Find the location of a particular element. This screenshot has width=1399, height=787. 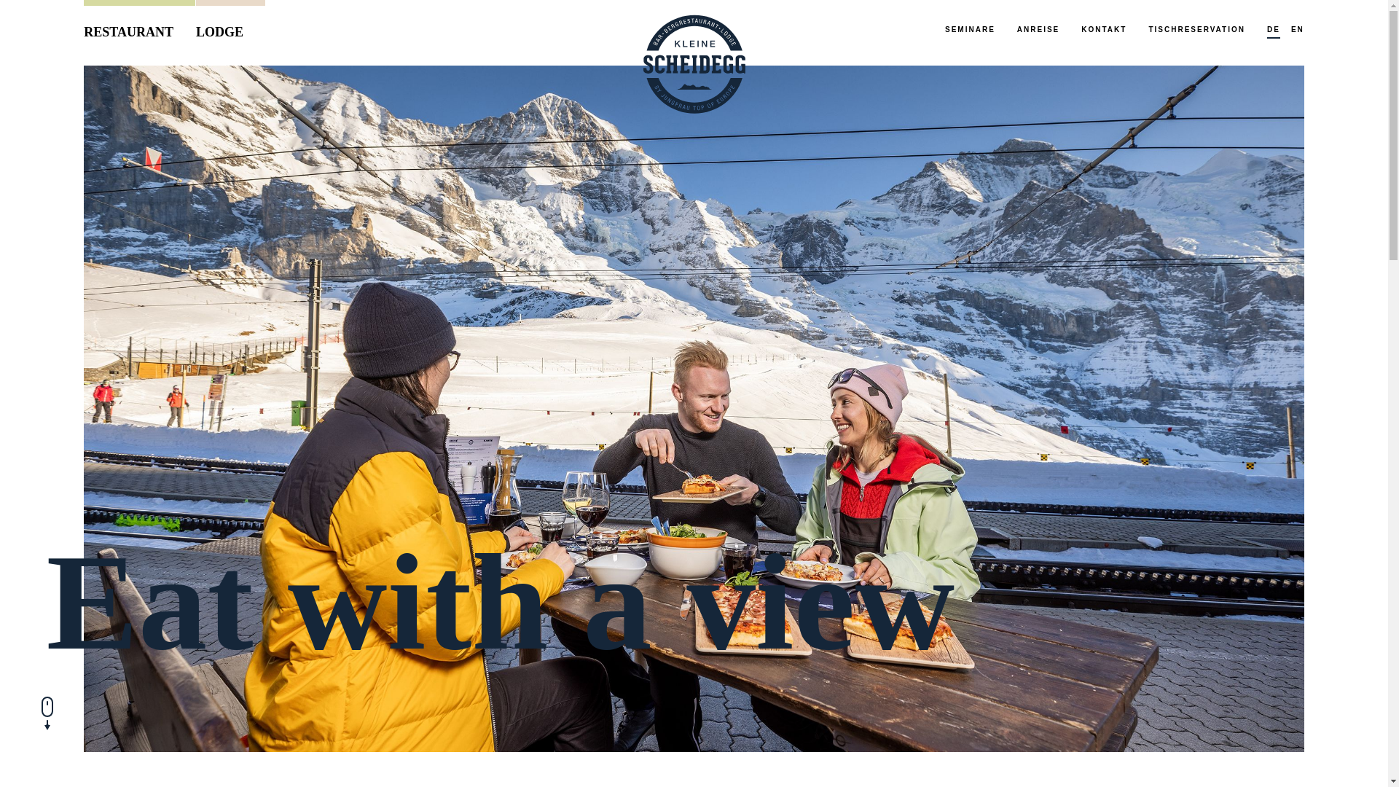

'TISCHRESERVATION' is located at coordinates (1196, 30).